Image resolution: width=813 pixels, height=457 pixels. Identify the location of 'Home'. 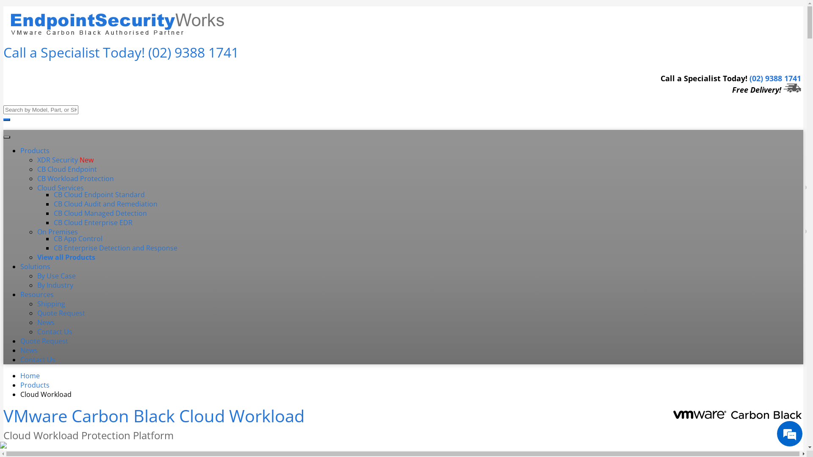
(30, 375).